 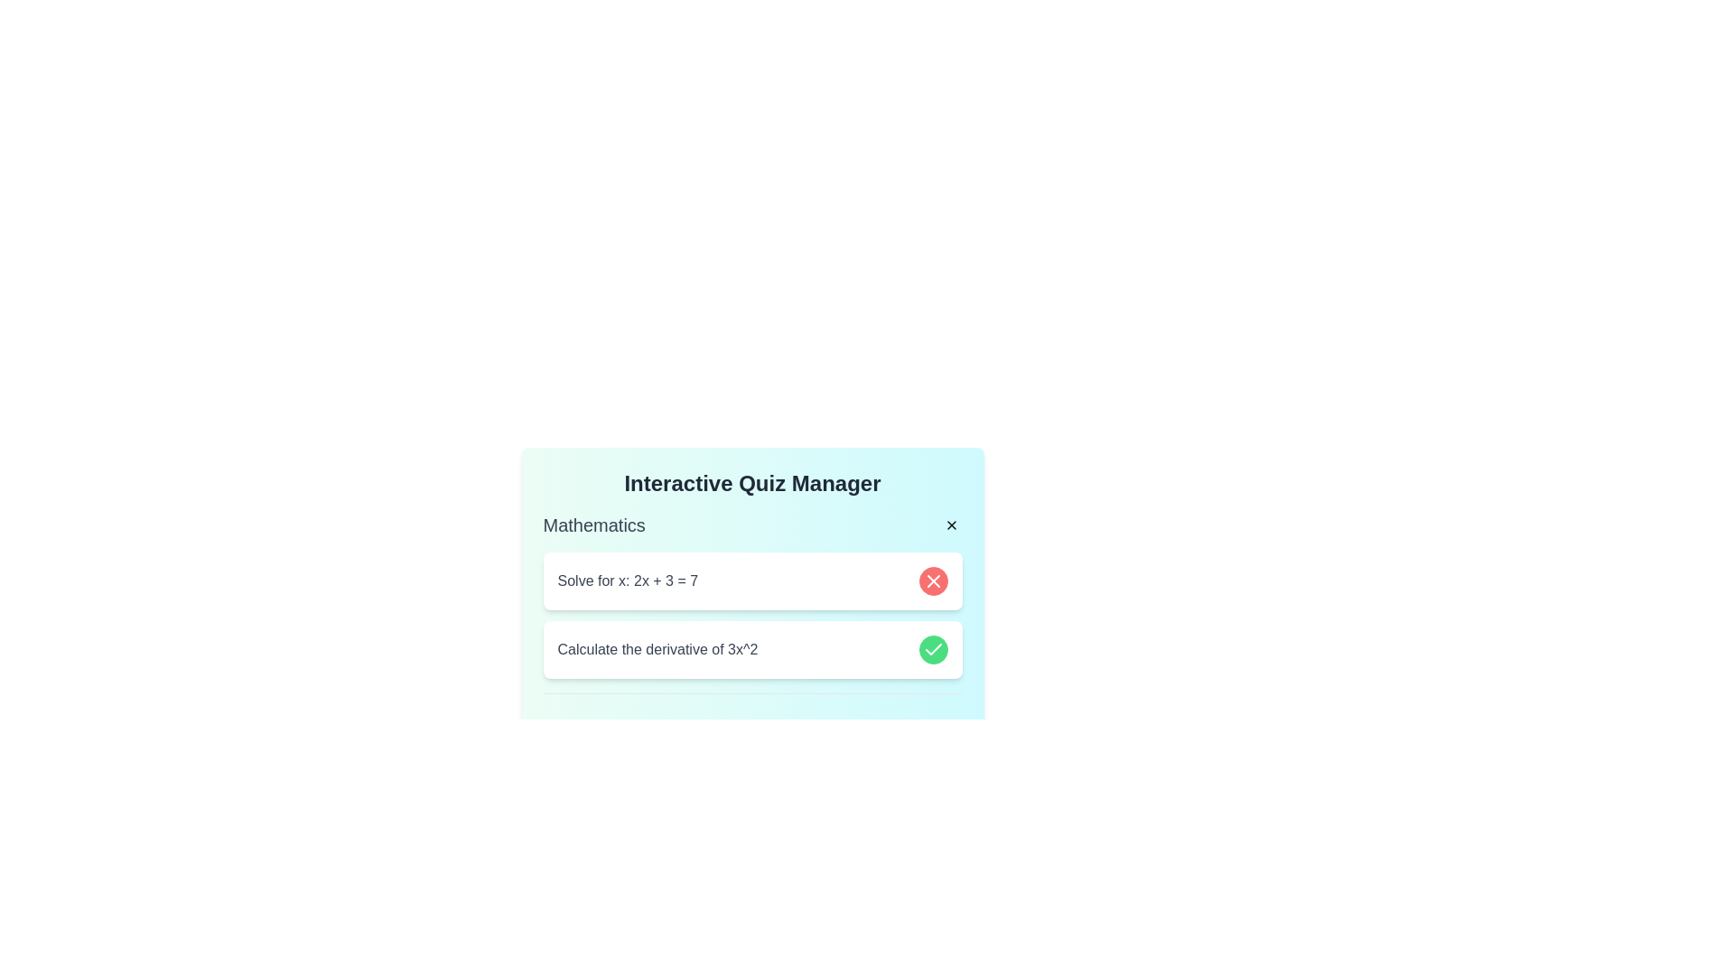 I want to click on the checkmark icon, which is a small light-colored checkmark symbol on a green circular background, located adjacent to the second question item labeled 'Calculate the derivative of 3x^2' in the Interactive Quiz Manager interface, so click(x=933, y=648).